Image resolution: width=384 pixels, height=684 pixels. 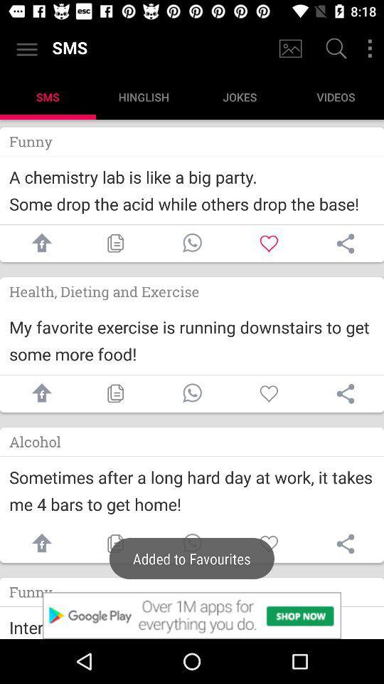 I want to click on like option, so click(x=269, y=243).